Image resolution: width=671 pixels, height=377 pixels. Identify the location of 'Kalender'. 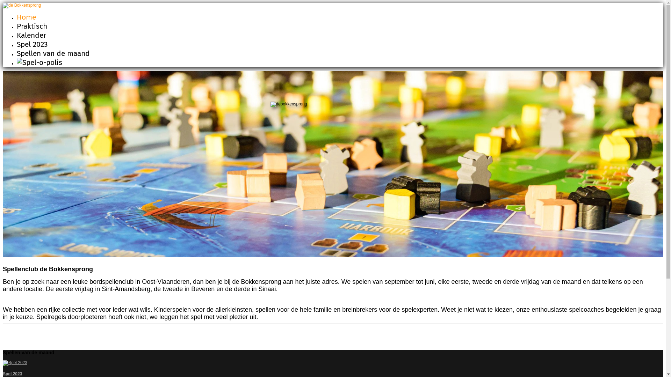
(31, 35).